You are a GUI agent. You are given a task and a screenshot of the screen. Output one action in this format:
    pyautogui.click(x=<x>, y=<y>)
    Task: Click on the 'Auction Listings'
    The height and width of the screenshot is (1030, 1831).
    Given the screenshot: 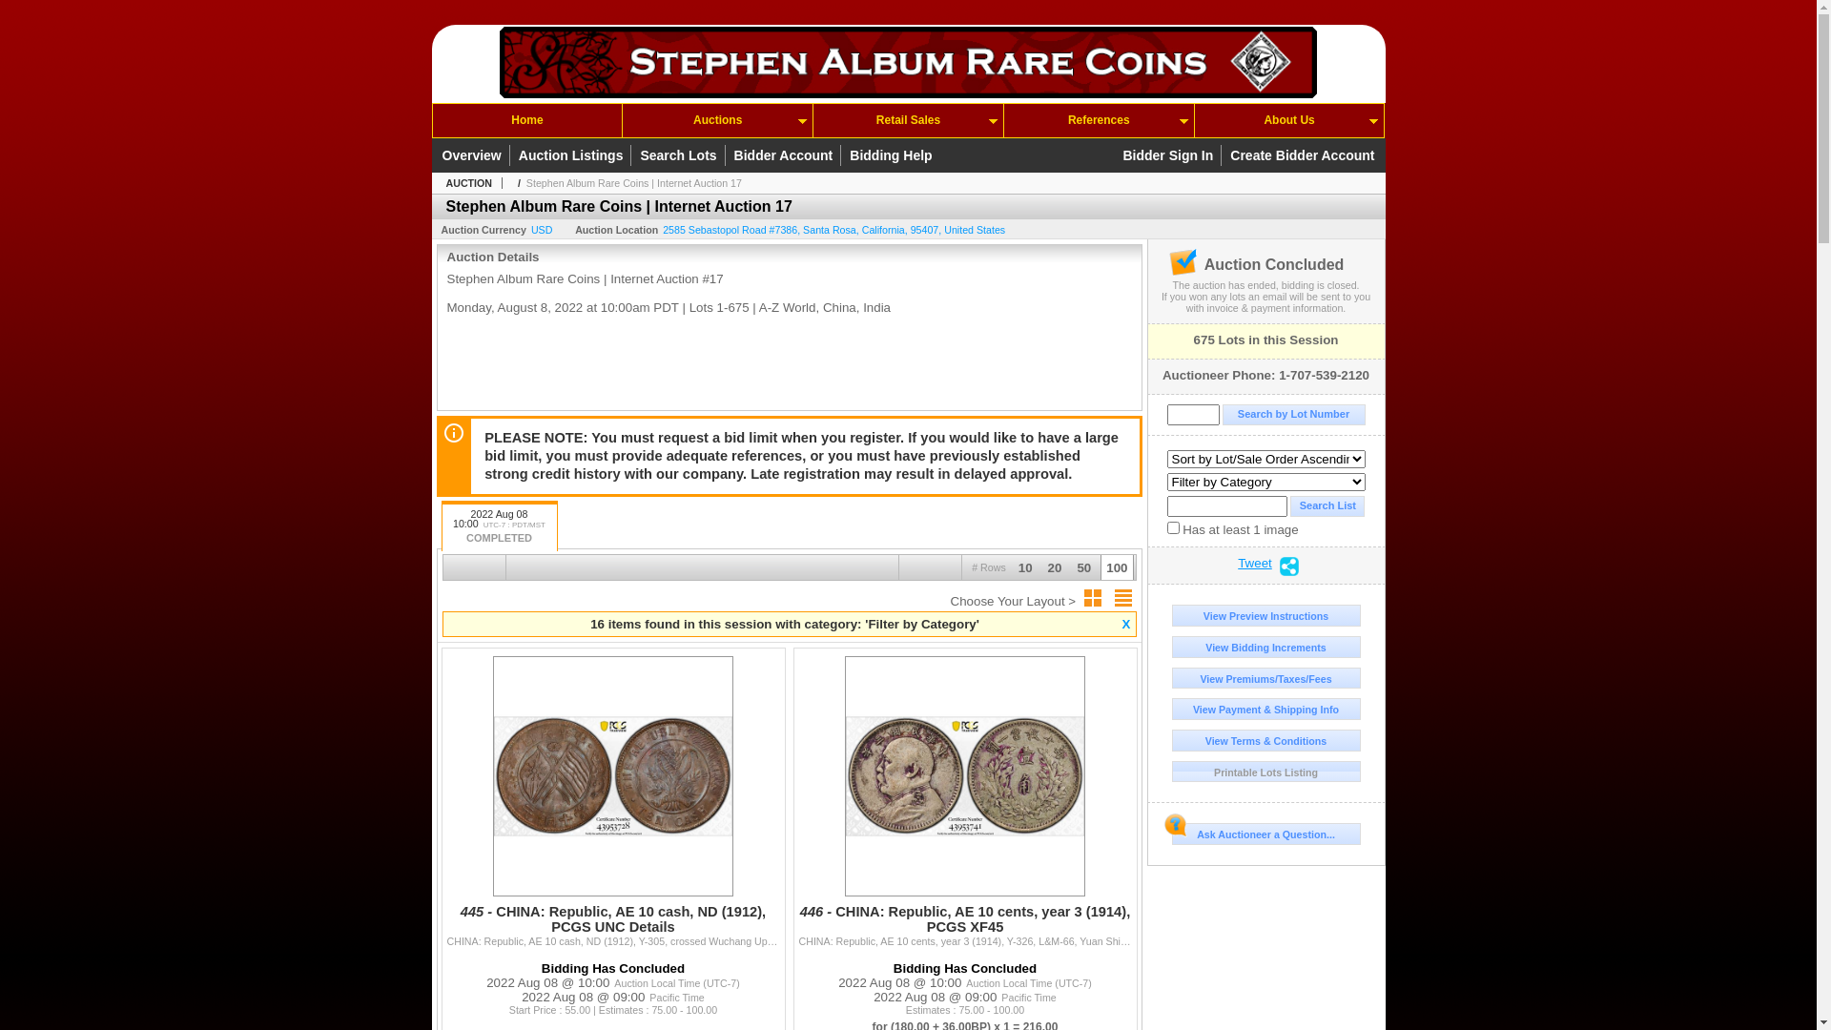 What is the action you would take?
    pyautogui.click(x=572, y=154)
    